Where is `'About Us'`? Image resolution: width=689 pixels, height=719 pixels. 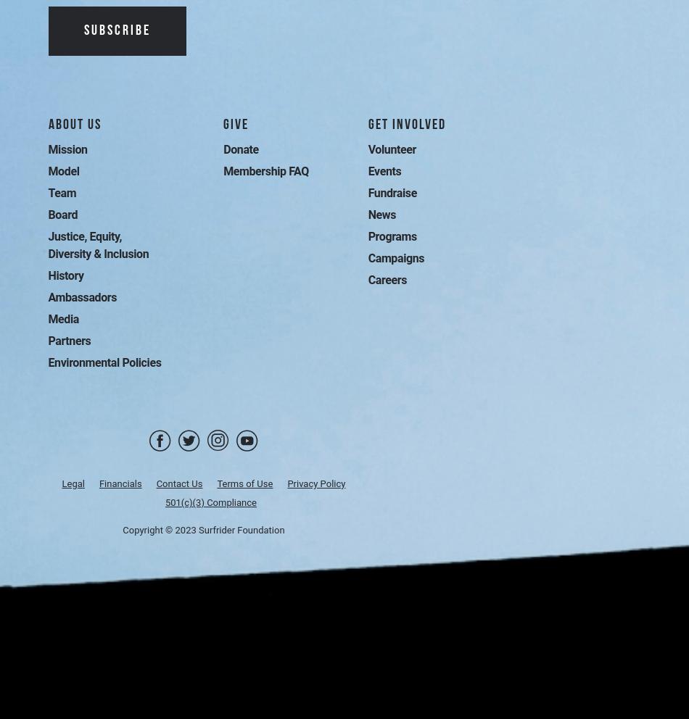 'About Us' is located at coordinates (48, 124).